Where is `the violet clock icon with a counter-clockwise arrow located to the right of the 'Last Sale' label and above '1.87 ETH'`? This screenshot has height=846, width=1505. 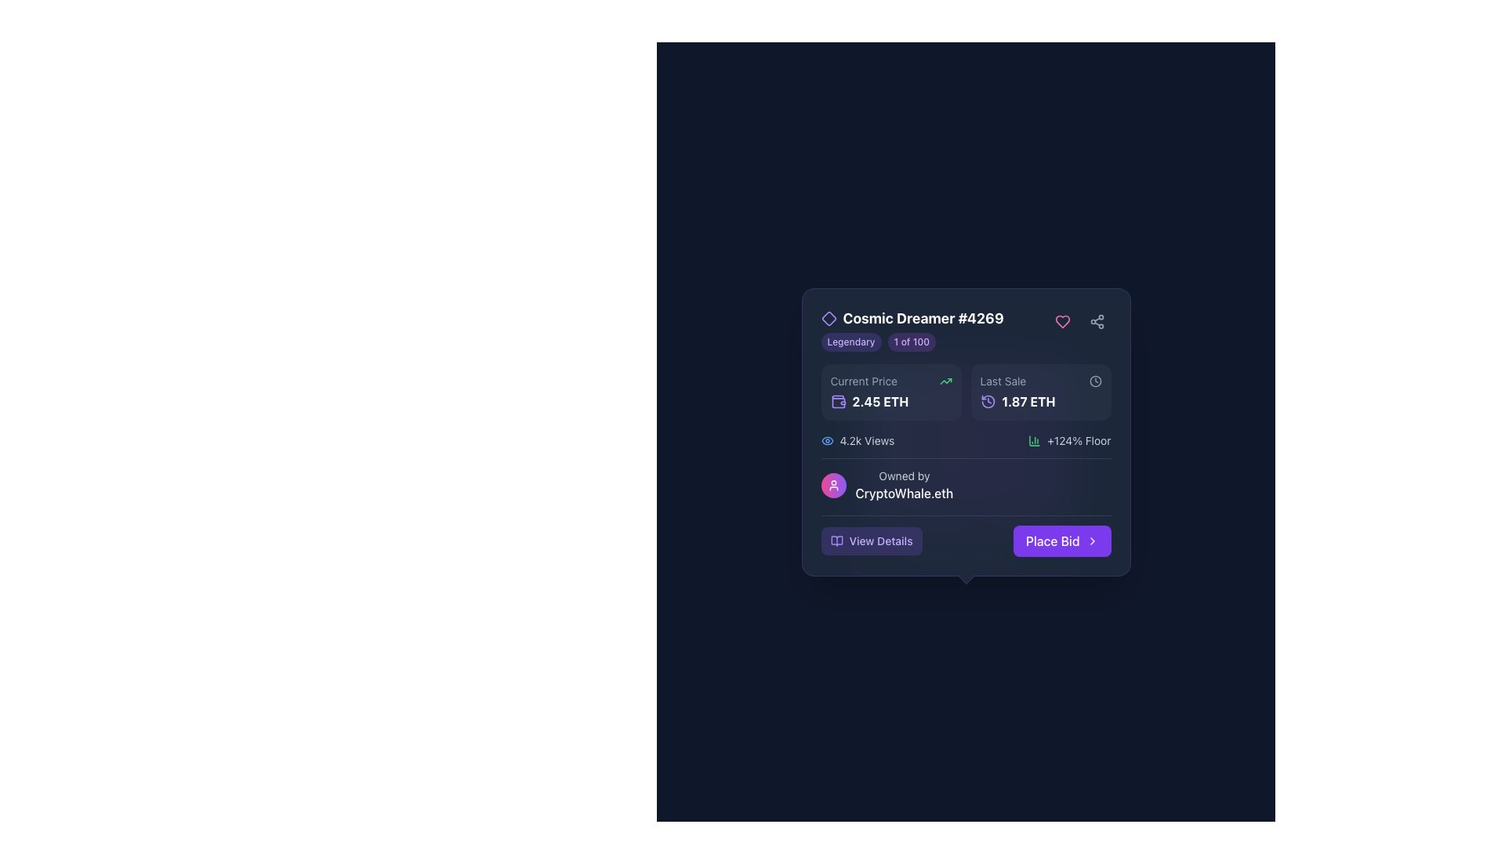 the violet clock icon with a counter-clockwise arrow located to the right of the 'Last Sale' label and above '1.87 ETH' is located at coordinates (987, 401).